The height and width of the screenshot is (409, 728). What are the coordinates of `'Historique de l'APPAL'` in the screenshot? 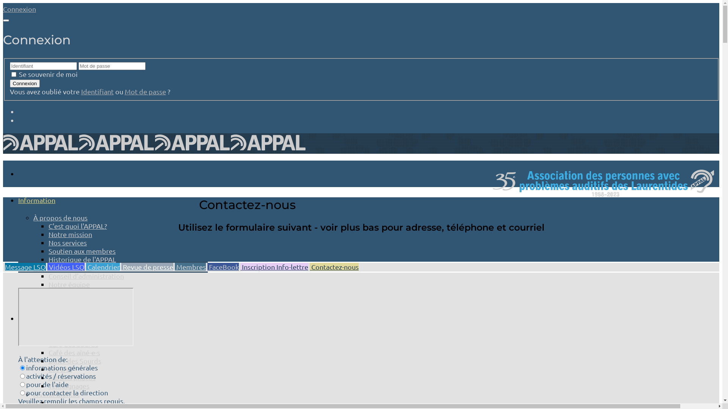 It's located at (82, 259).